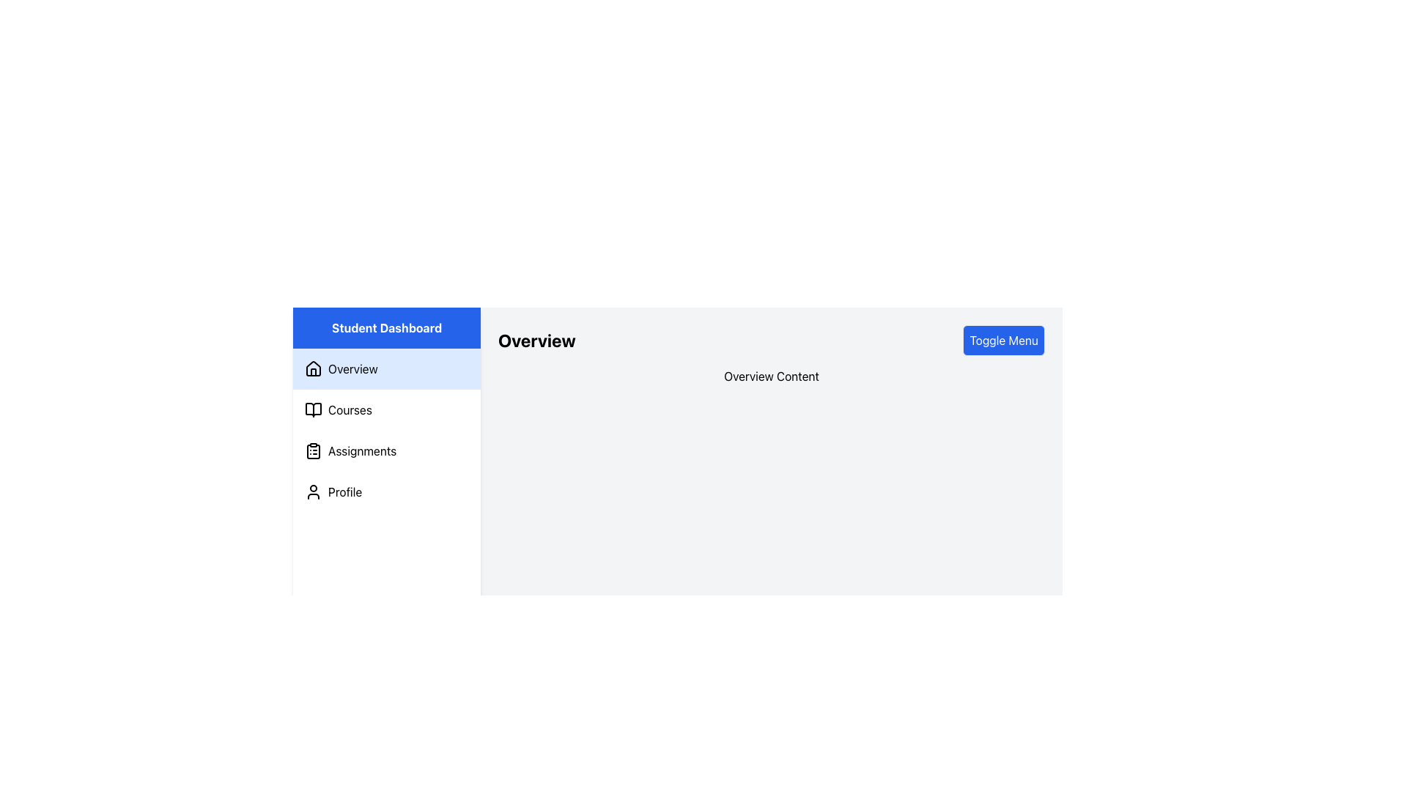 This screenshot has height=791, width=1407. What do you see at coordinates (387, 450) in the screenshot?
I see `the 'Assignments' menu item in the vertical navigation bar` at bounding box center [387, 450].